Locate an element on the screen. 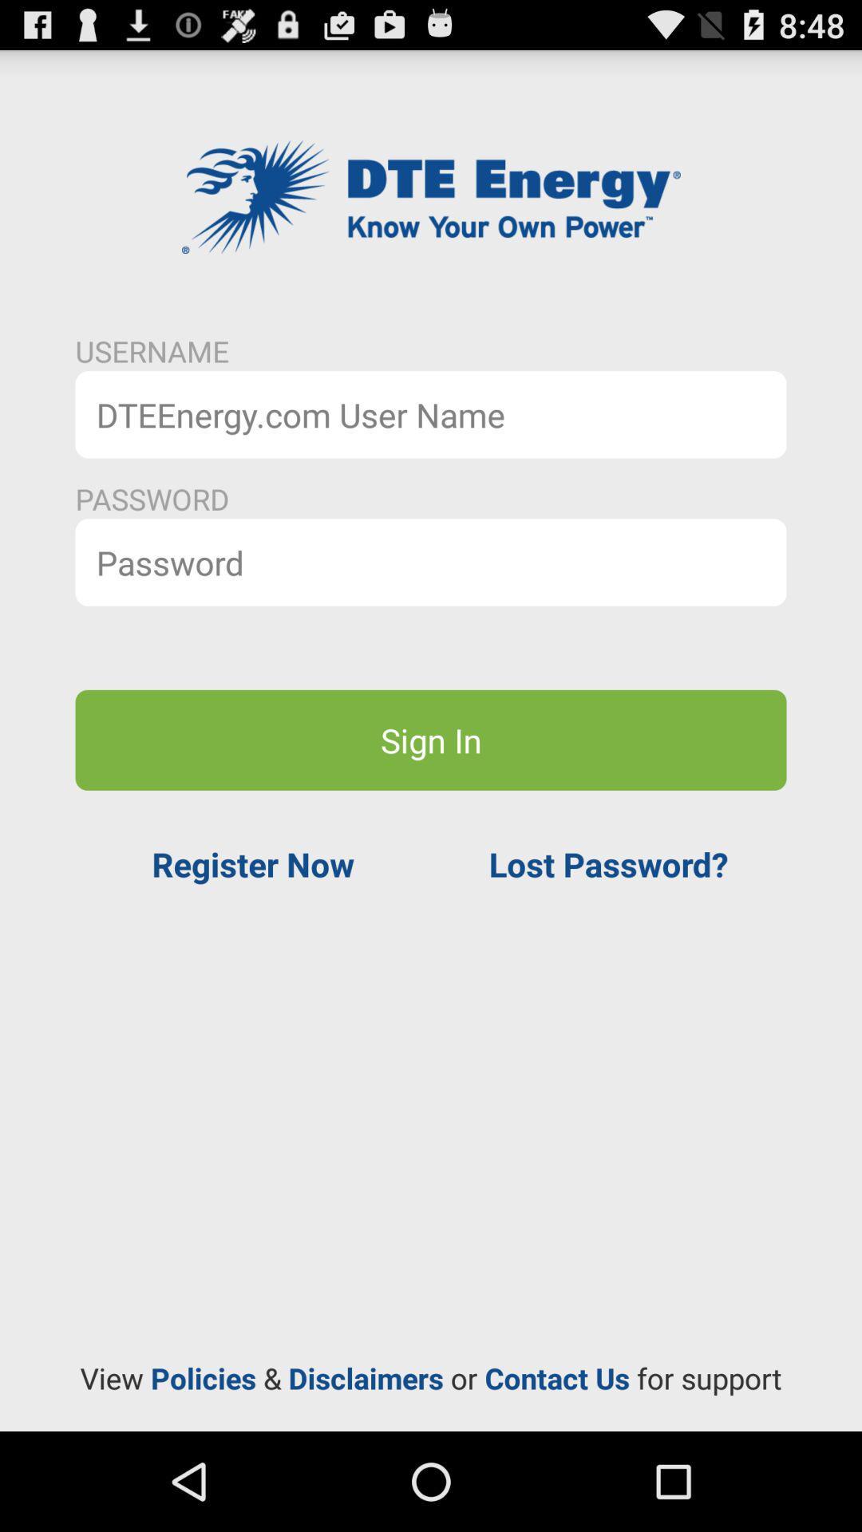 The height and width of the screenshot is (1532, 862). the register now is located at coordinates (252, 863).